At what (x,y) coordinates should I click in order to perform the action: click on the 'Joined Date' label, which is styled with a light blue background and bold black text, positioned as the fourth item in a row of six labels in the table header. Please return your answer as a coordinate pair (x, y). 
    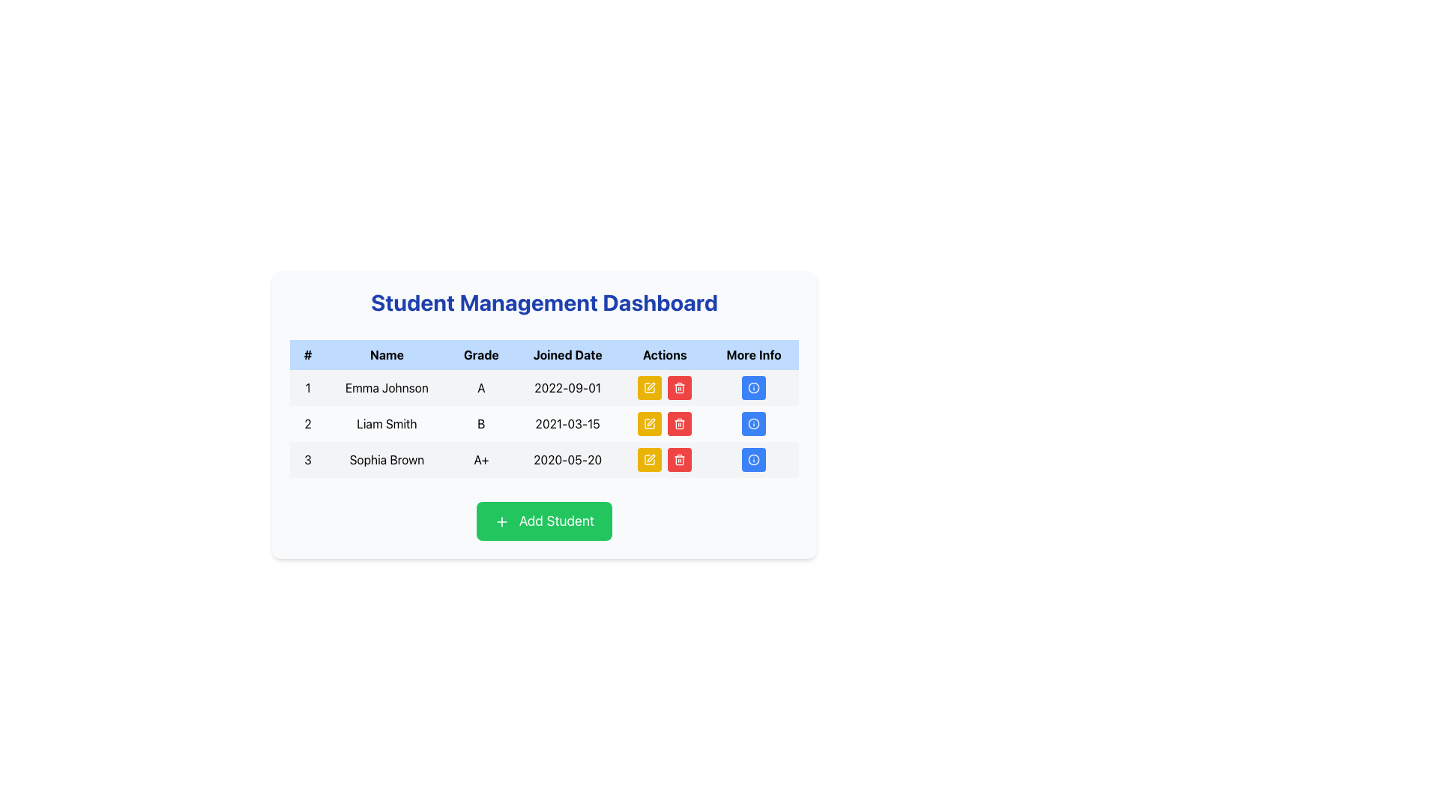
    Looking at the image, I should click on (567, 355).